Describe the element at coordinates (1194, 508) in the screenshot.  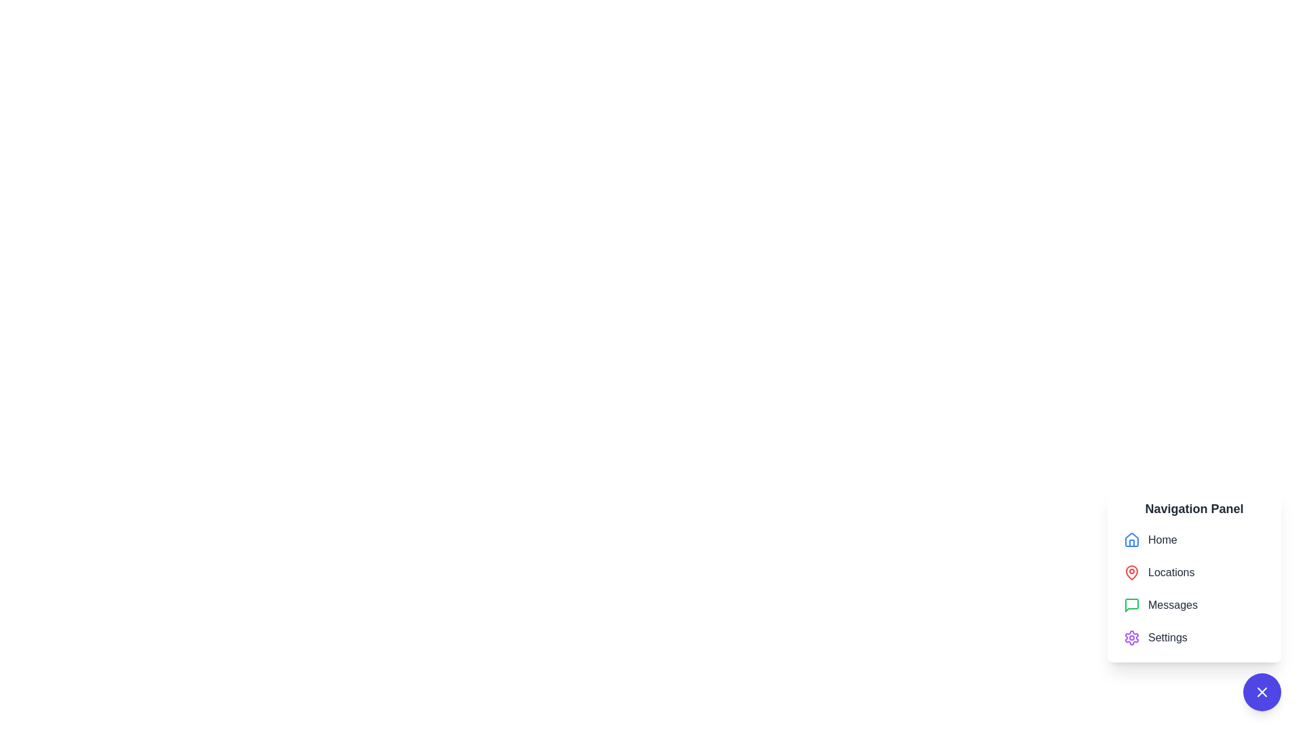
I see `the 'Navigation Panel' header text label, which serves as the title for the navigation card and is positioned at the top of the card above the navigation items` at that location.